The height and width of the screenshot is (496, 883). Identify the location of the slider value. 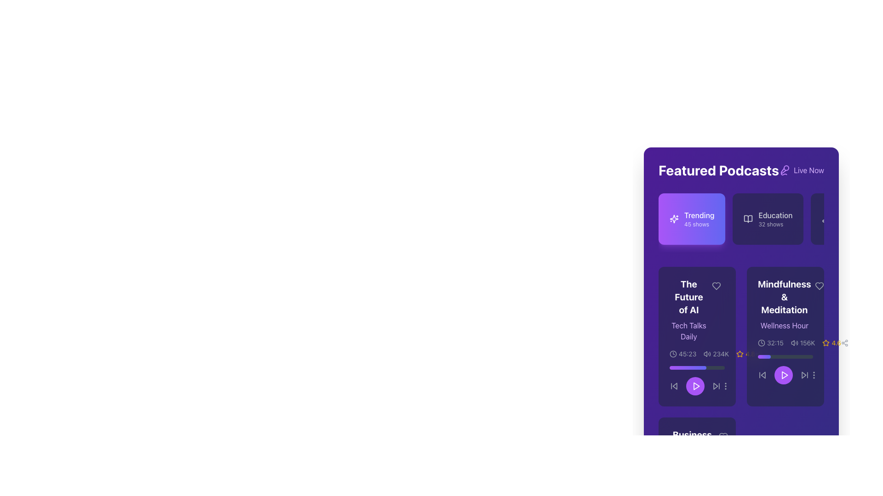
(680, 367).